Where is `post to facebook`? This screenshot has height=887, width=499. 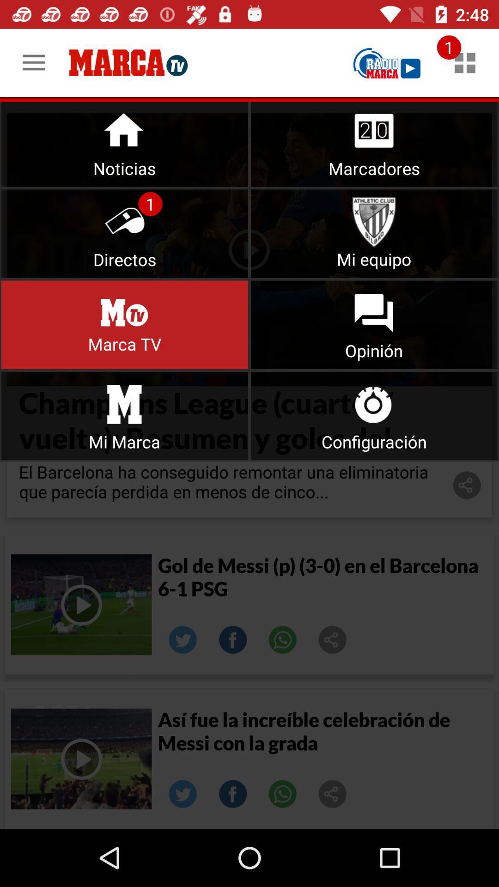 post to facebook is located at coordinates (232, 639).